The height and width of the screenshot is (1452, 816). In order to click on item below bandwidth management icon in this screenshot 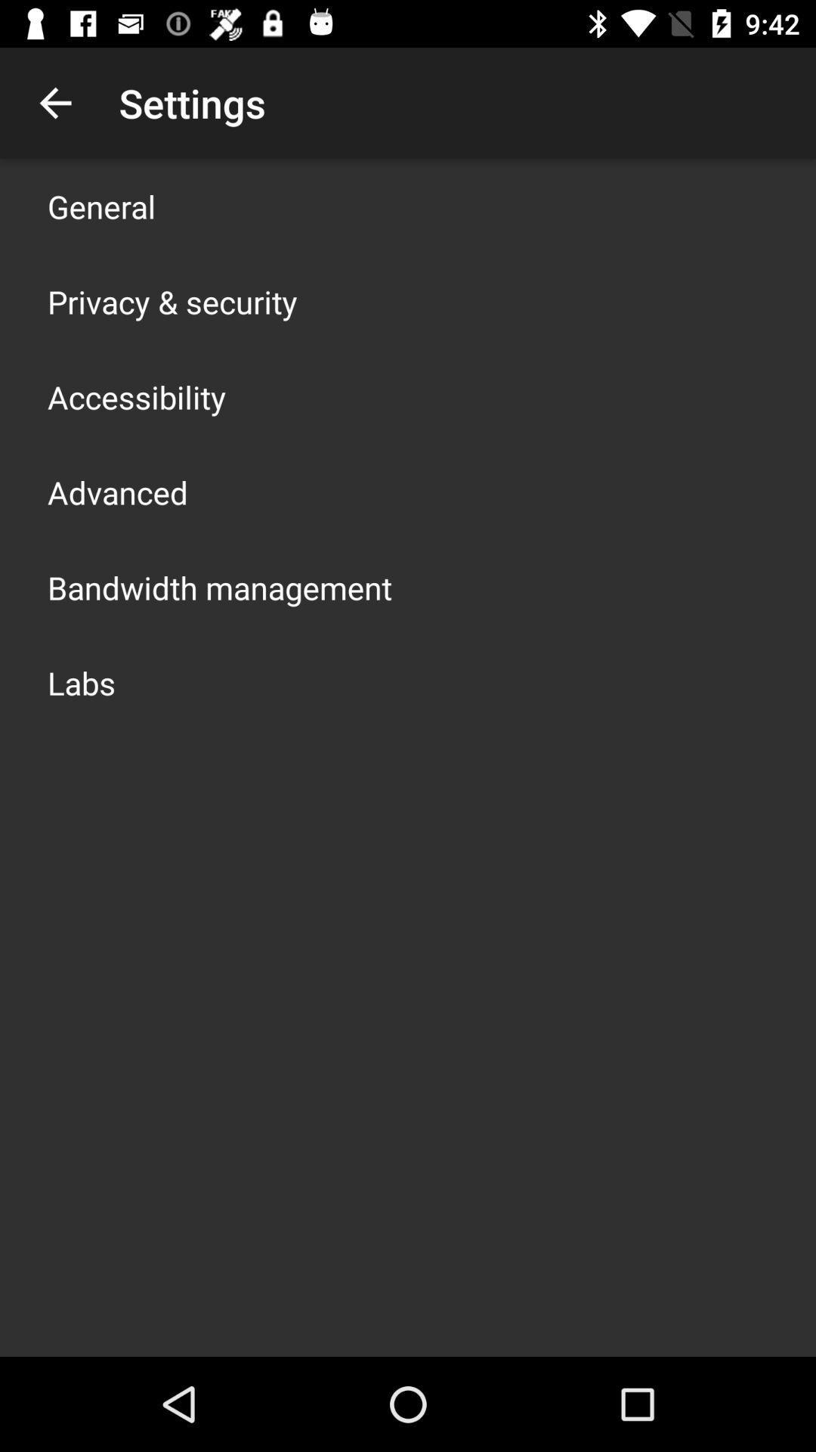, I will do `click(82, 681)`.